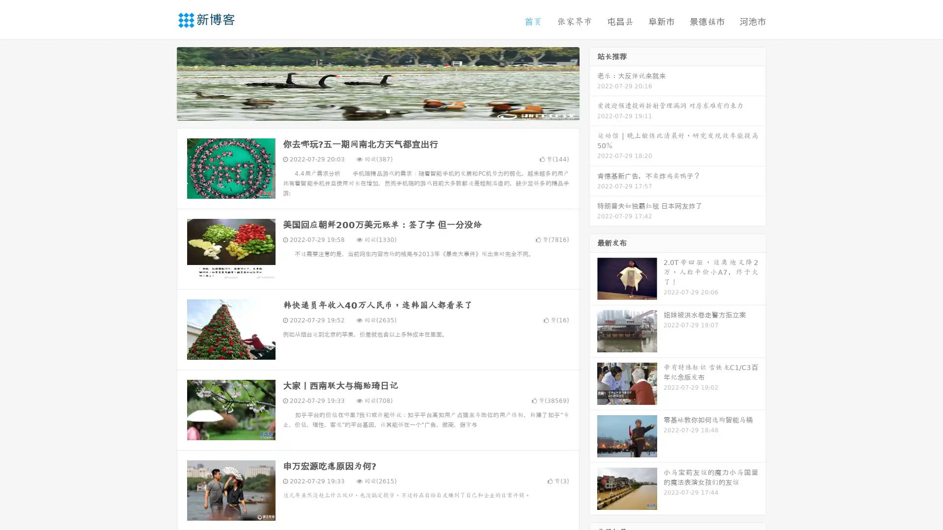  Describe the element at coordinates (367, 110) in the screenshot. I see `Go to slide 1` at that location.